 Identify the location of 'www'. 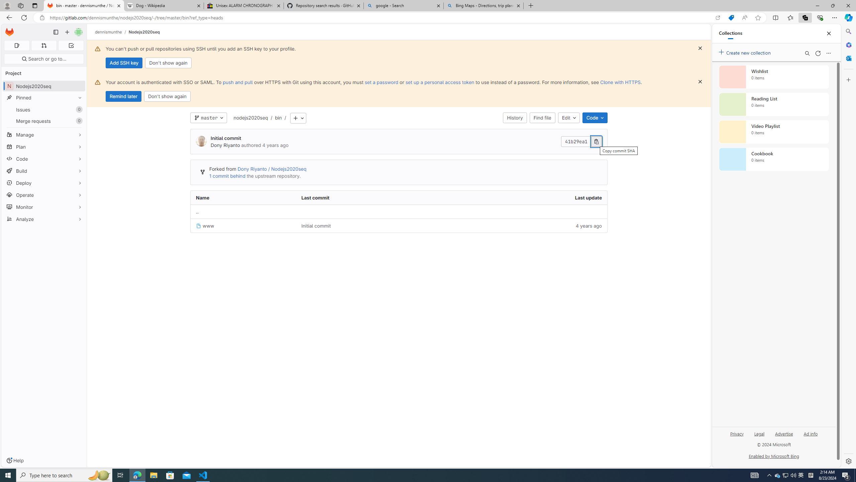
(205, 226).